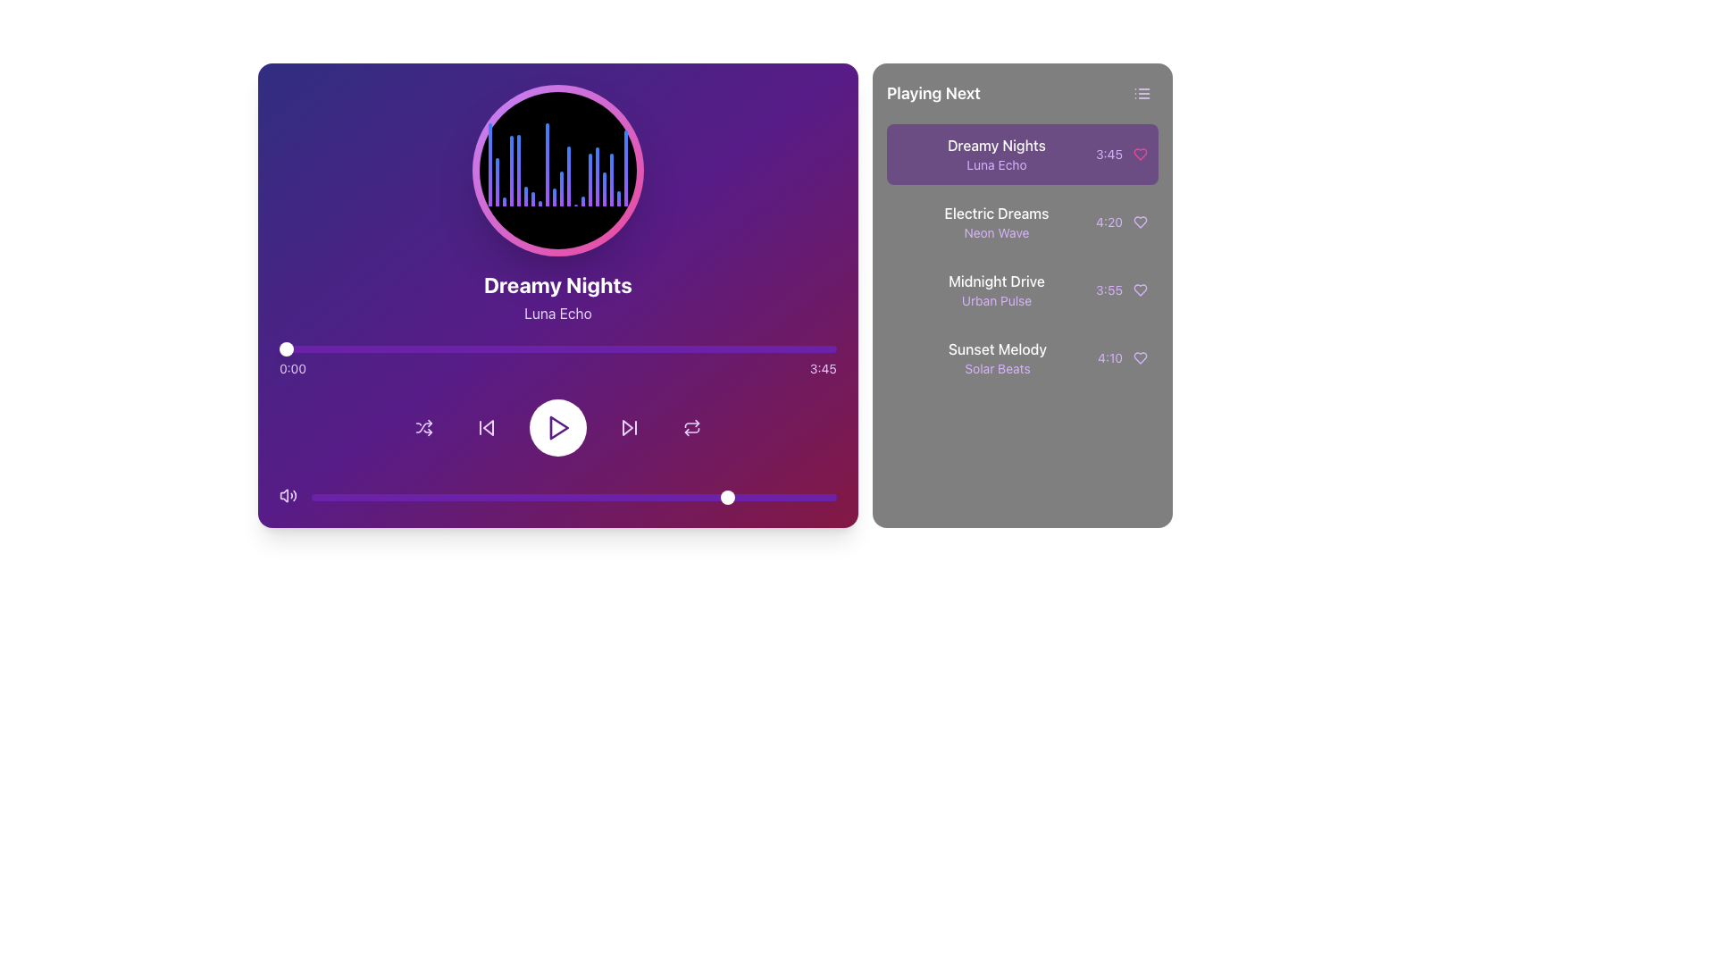 The height and width of the screenshot is (965, 1715). I want to click on the 18th graphical bar in the dynamic visualizer, which represents music frequency or rhythm, located in the upper center of the left panel, so click(618, 198).